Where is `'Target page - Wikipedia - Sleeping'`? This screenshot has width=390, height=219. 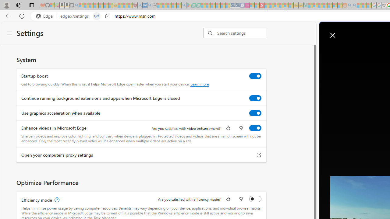 'Target page - Wikipedia - Sleeping' is located at coordinates (383, 5).